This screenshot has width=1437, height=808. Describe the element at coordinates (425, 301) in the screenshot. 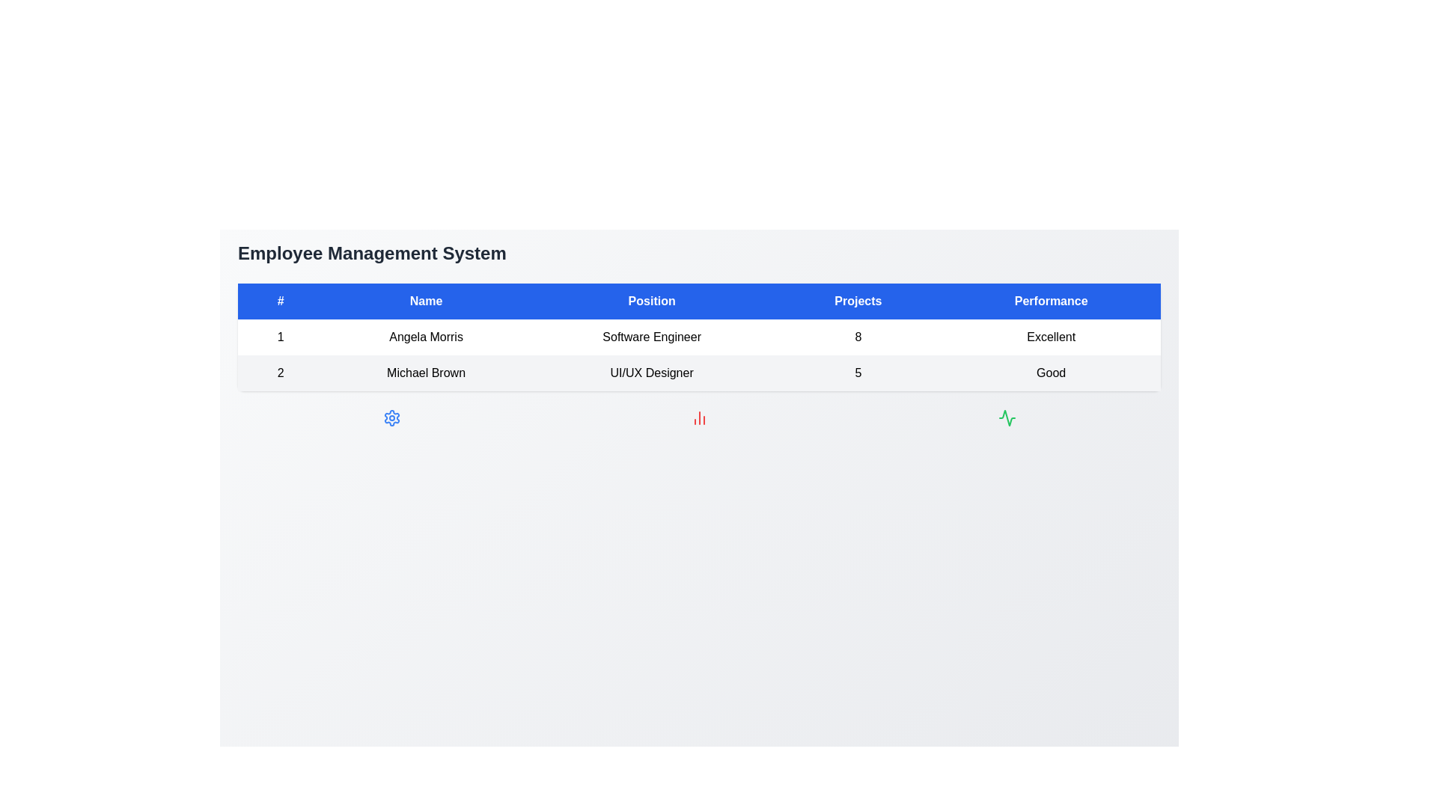

I see `the 'Name' column header in the table, which is the second column header located between the '#' and 'Position' headers` at that location.